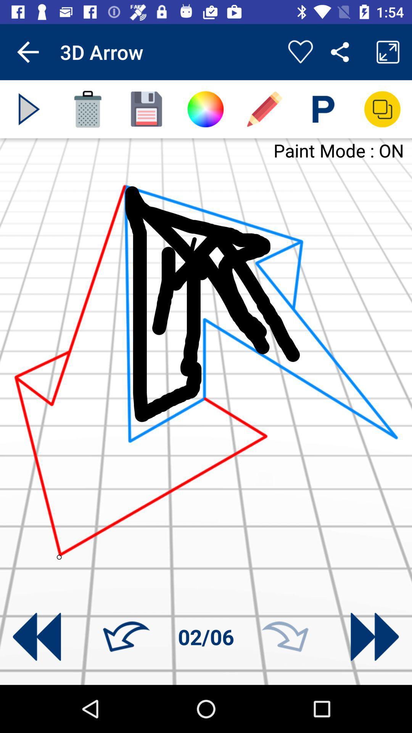  What do you see at coordinates (126, 637) in the screenshot?
I see `turn left` at bounding box center [126, 637].